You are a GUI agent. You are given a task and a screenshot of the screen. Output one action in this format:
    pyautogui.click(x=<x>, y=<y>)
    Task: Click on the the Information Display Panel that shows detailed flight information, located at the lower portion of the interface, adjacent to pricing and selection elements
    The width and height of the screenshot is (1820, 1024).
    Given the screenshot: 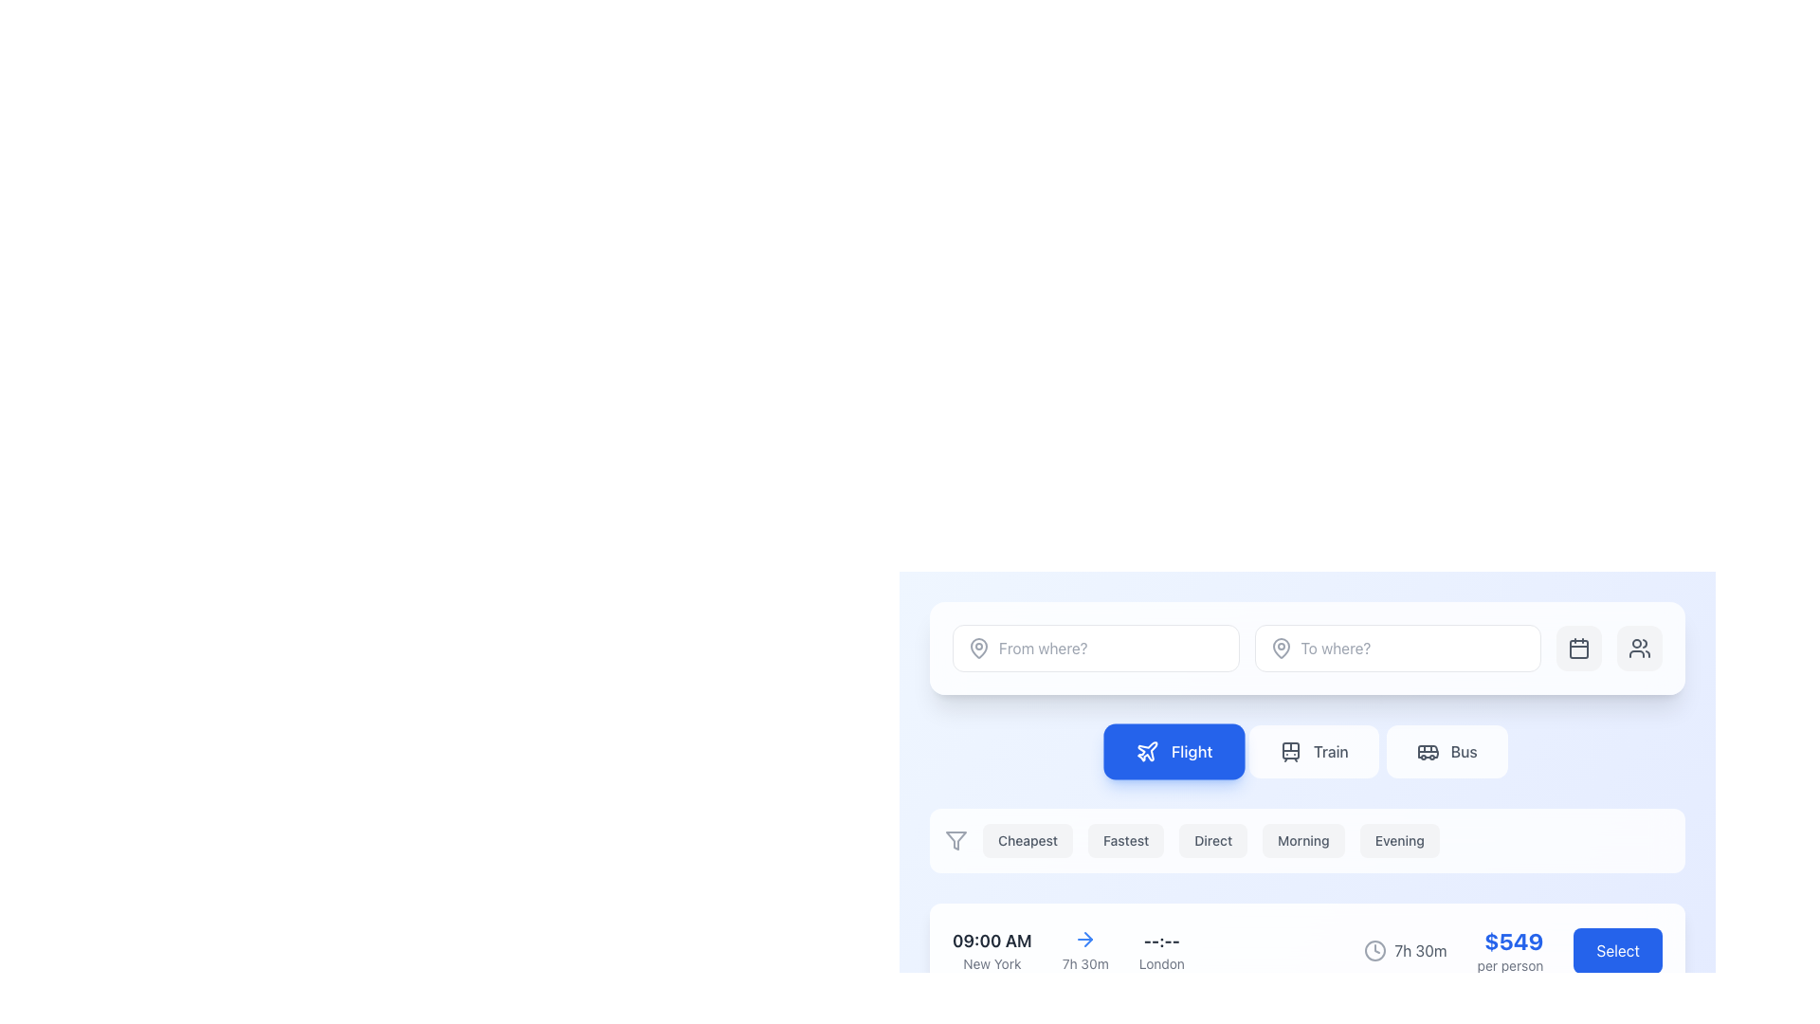 What is the action you would take?
    pyautogui.click(x=1068, y=950)
    